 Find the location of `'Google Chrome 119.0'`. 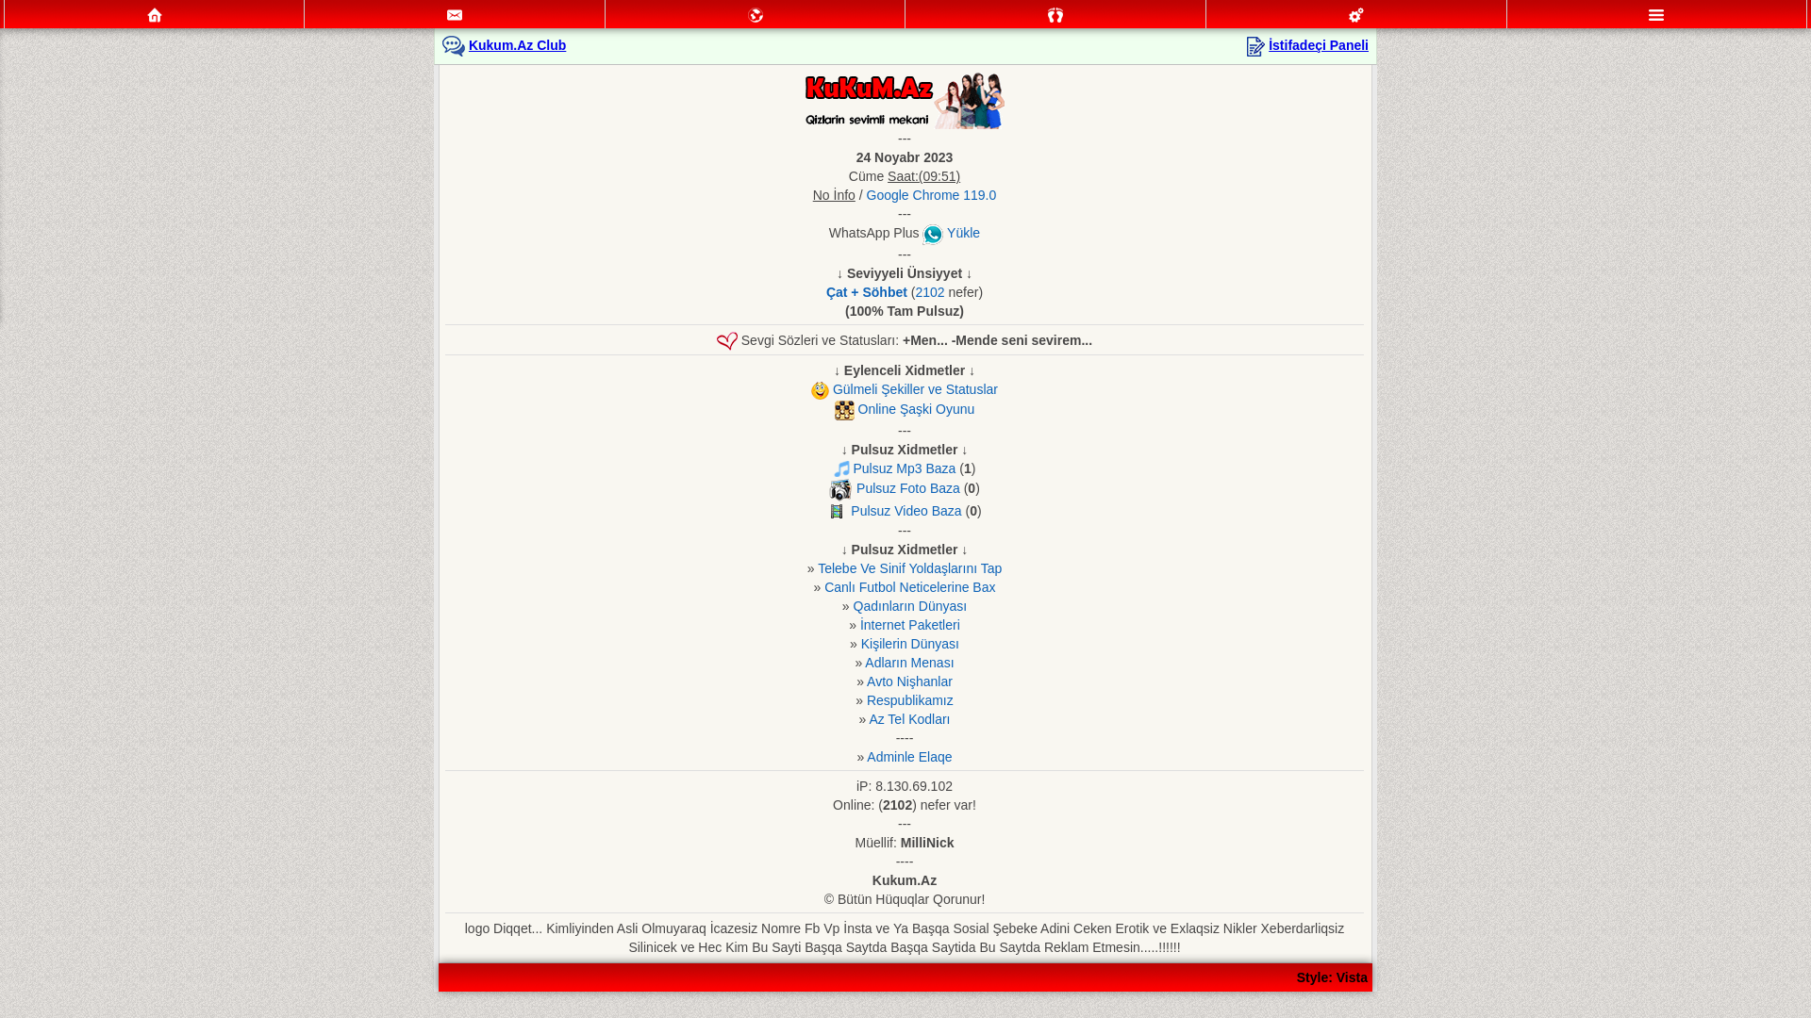

'Google Chrome 119.0' is located at coordinates (932, 195).